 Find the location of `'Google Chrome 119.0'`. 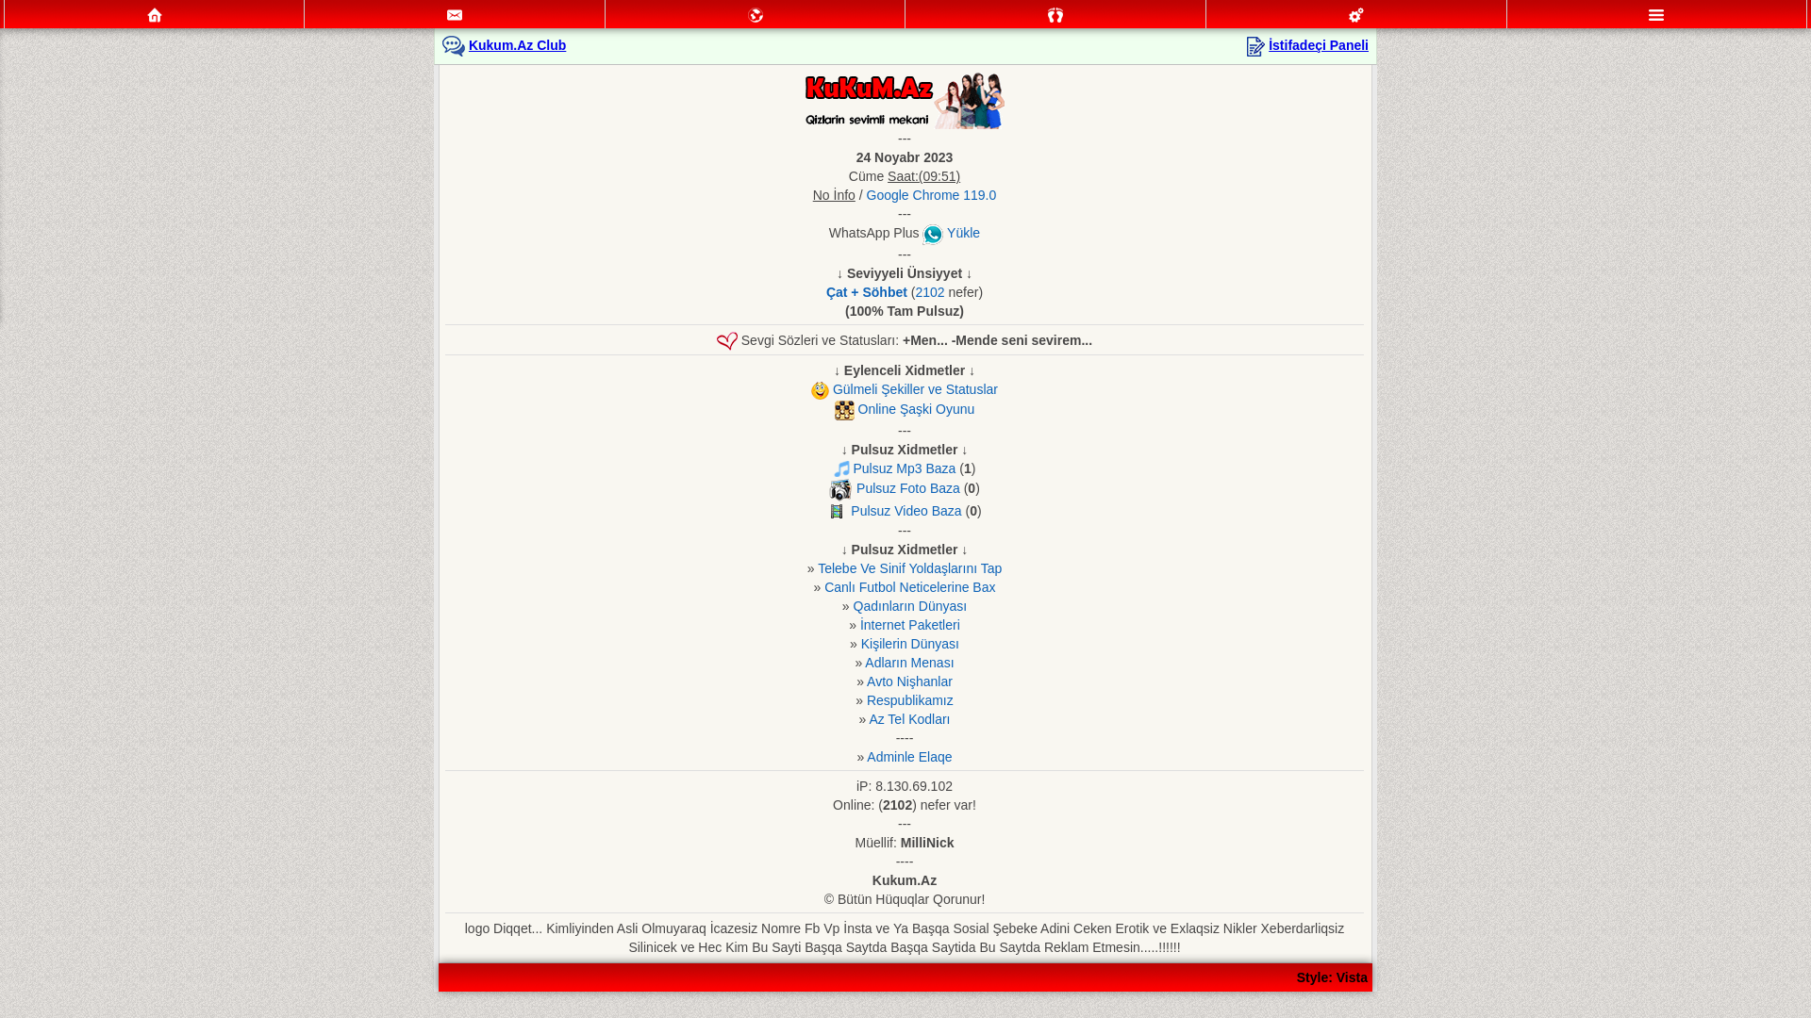

'Google Chrome 119.0' is located at coordinates (932, 195).